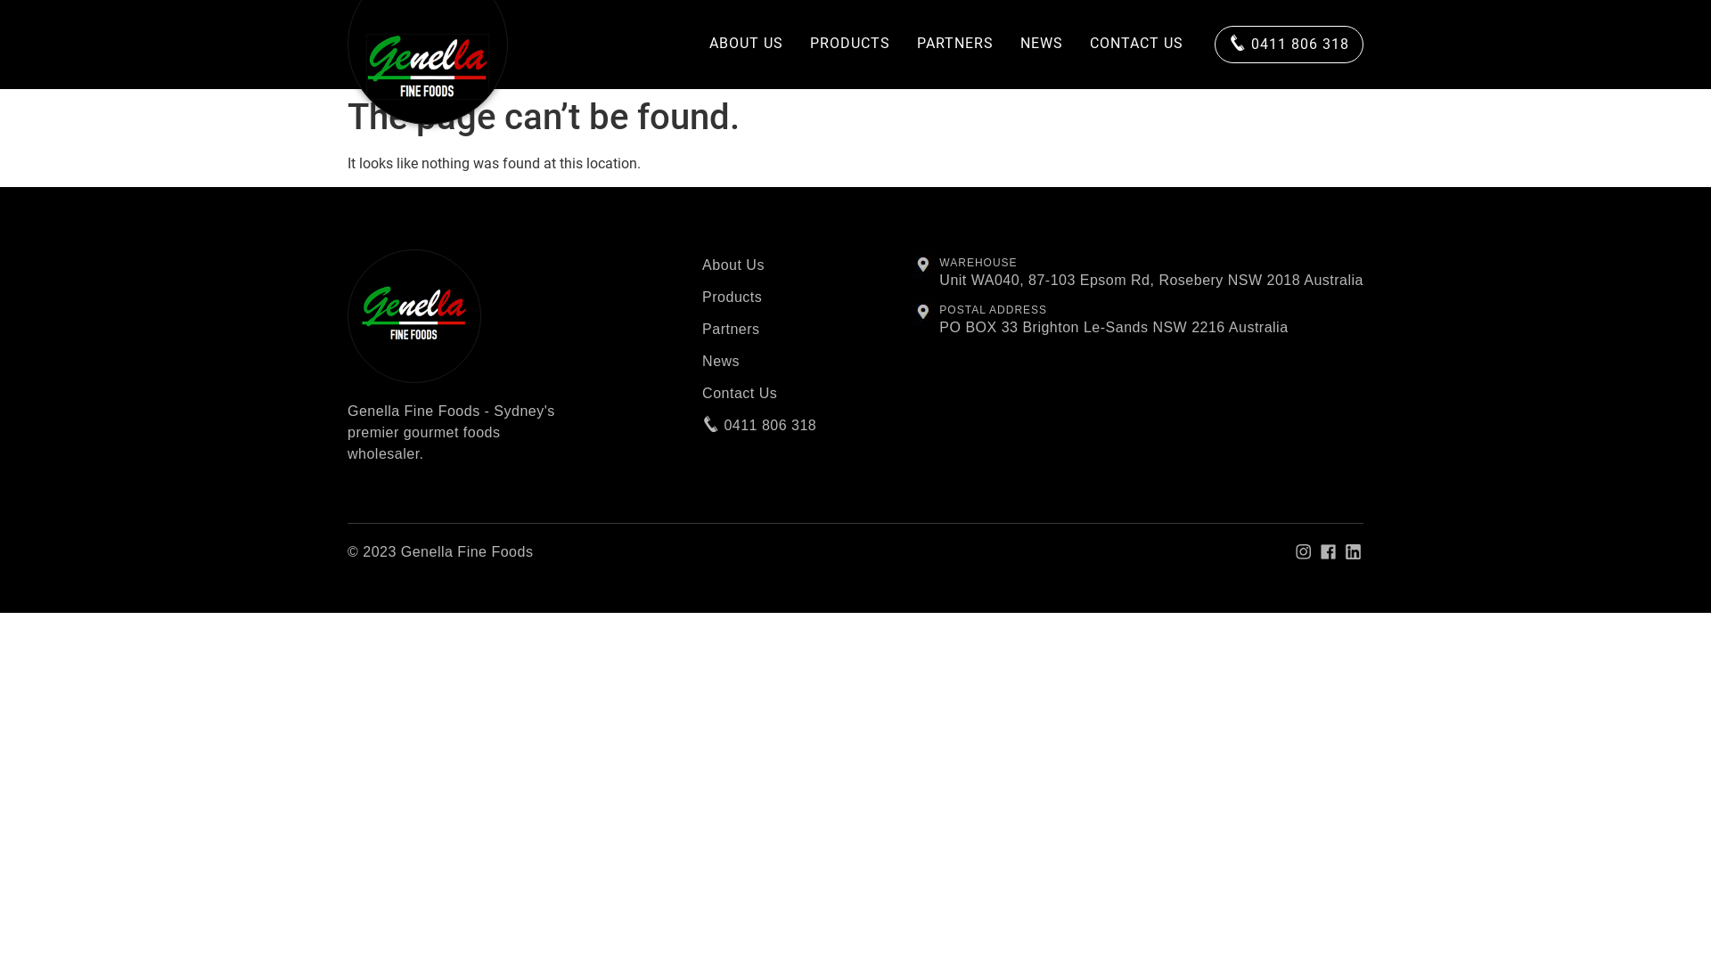 This screenshot has width=1711, height=962. What do you see at coordinates (1135, 44) in the screenshot?
I see `'CONTACT US'` at bounding box center [1135, 44].